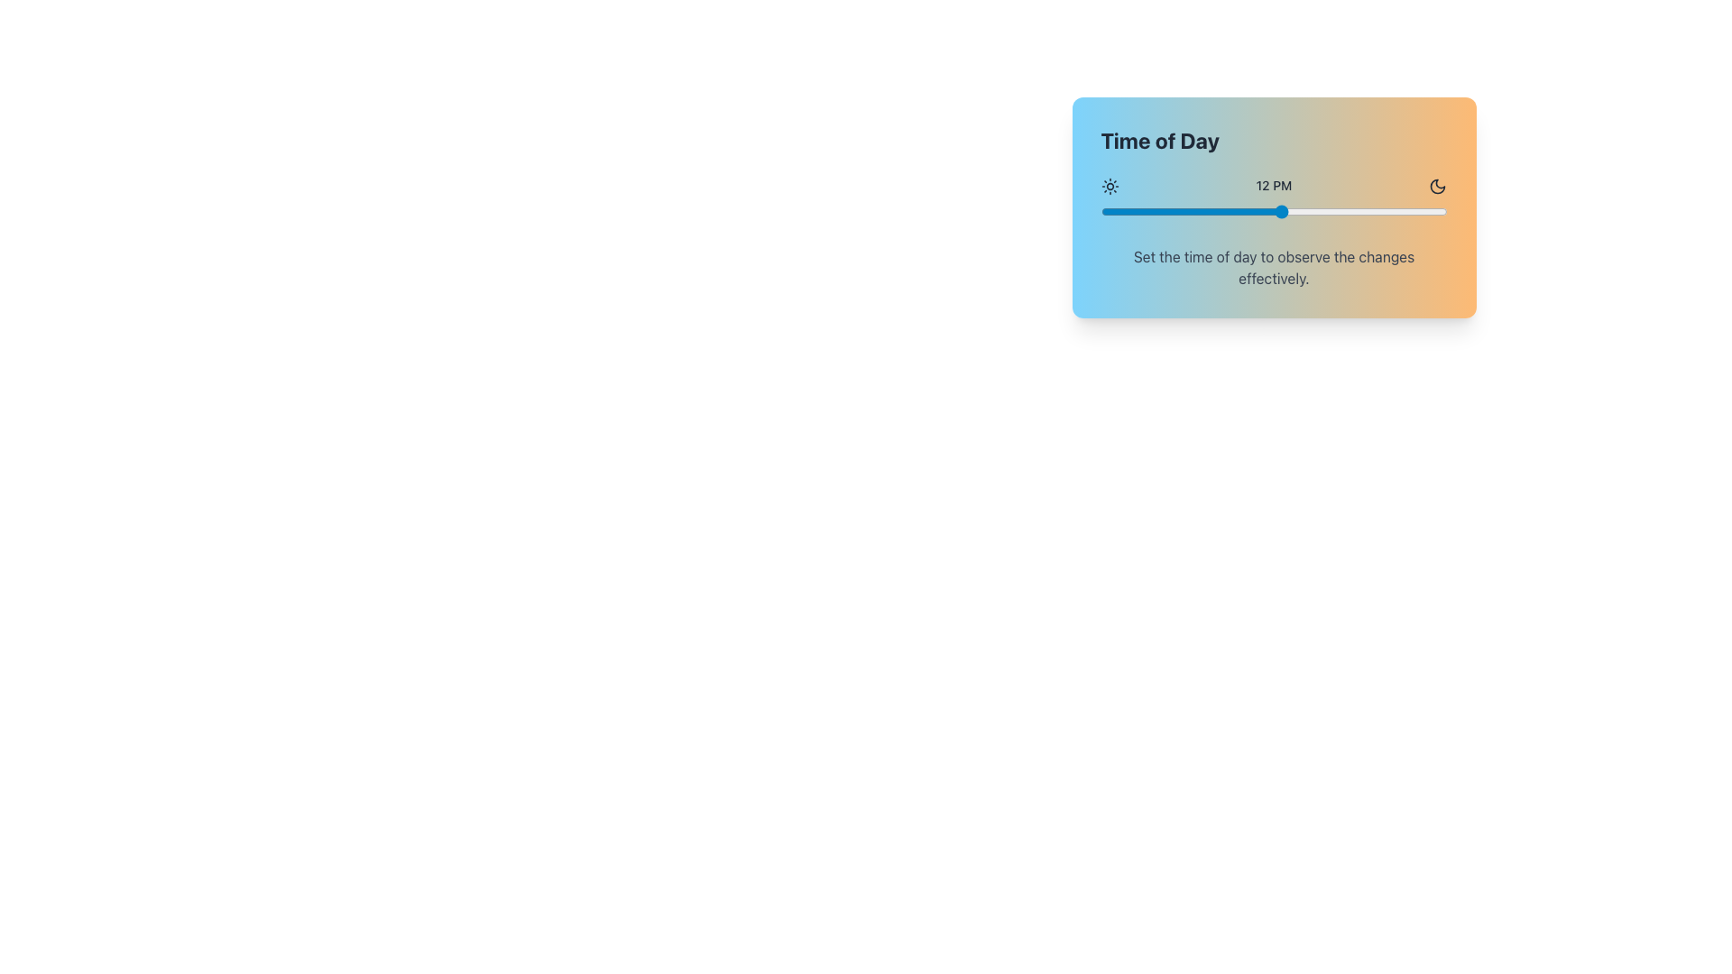  I want to click on time of day, so click(1386, 211).